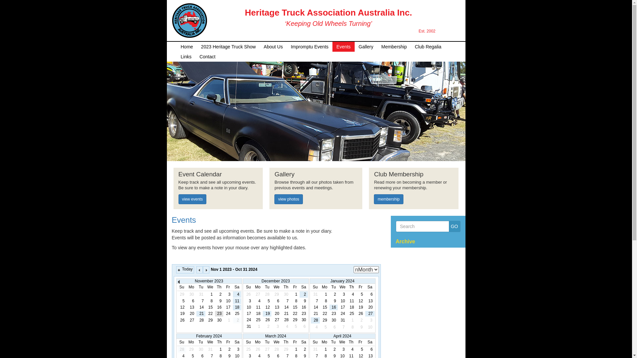 The image size is (637, 358). Describe the element at coordinates (257, 301) in the screenshot. I see `'4'` at that location.